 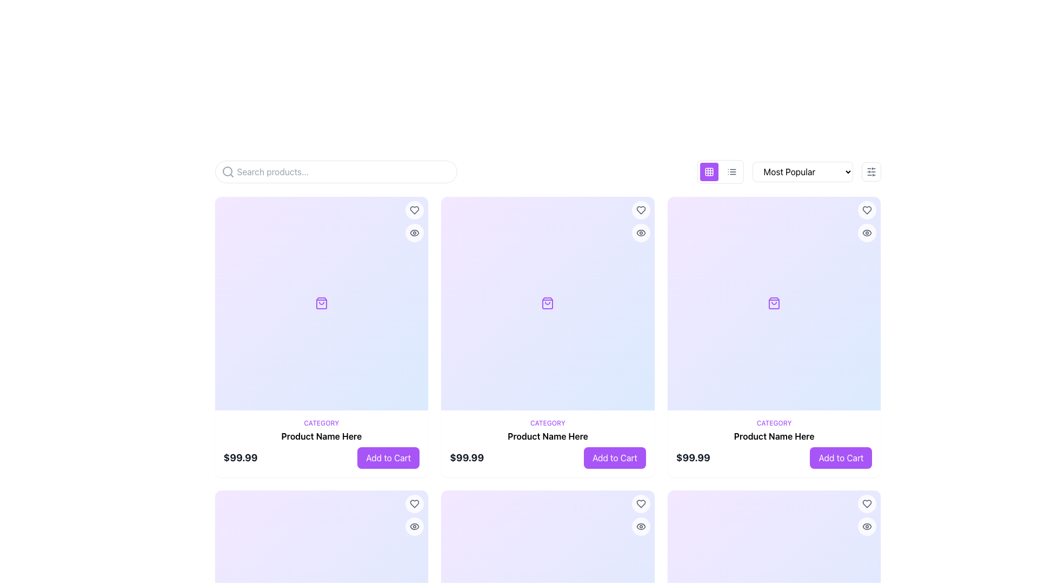 What do you see at coordinates (867, 503) in the screenshot?
I see `the heart icon in the top right corner of the product card` at bounding box center [867, 503].